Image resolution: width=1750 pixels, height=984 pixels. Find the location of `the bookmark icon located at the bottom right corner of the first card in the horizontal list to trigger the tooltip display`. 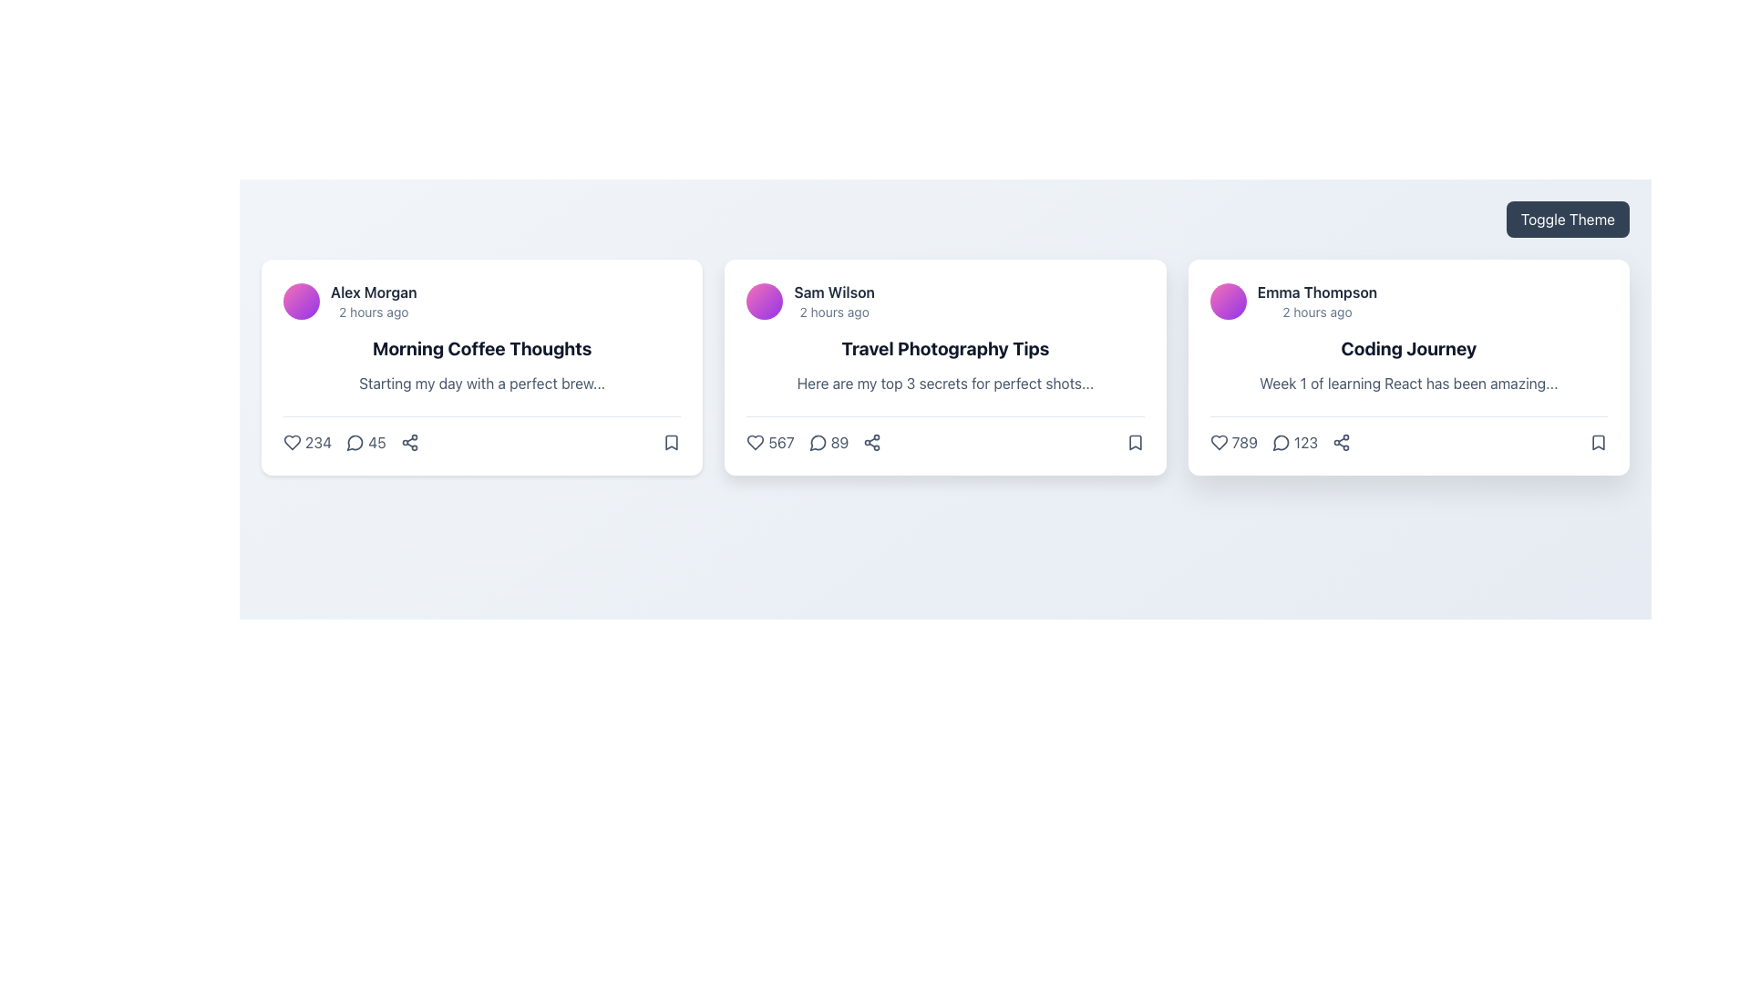

the bookmark icon located at the bottom right corner of the first card in the horizontal list to trigger the tooltip display is located at coordinates (671, 443).